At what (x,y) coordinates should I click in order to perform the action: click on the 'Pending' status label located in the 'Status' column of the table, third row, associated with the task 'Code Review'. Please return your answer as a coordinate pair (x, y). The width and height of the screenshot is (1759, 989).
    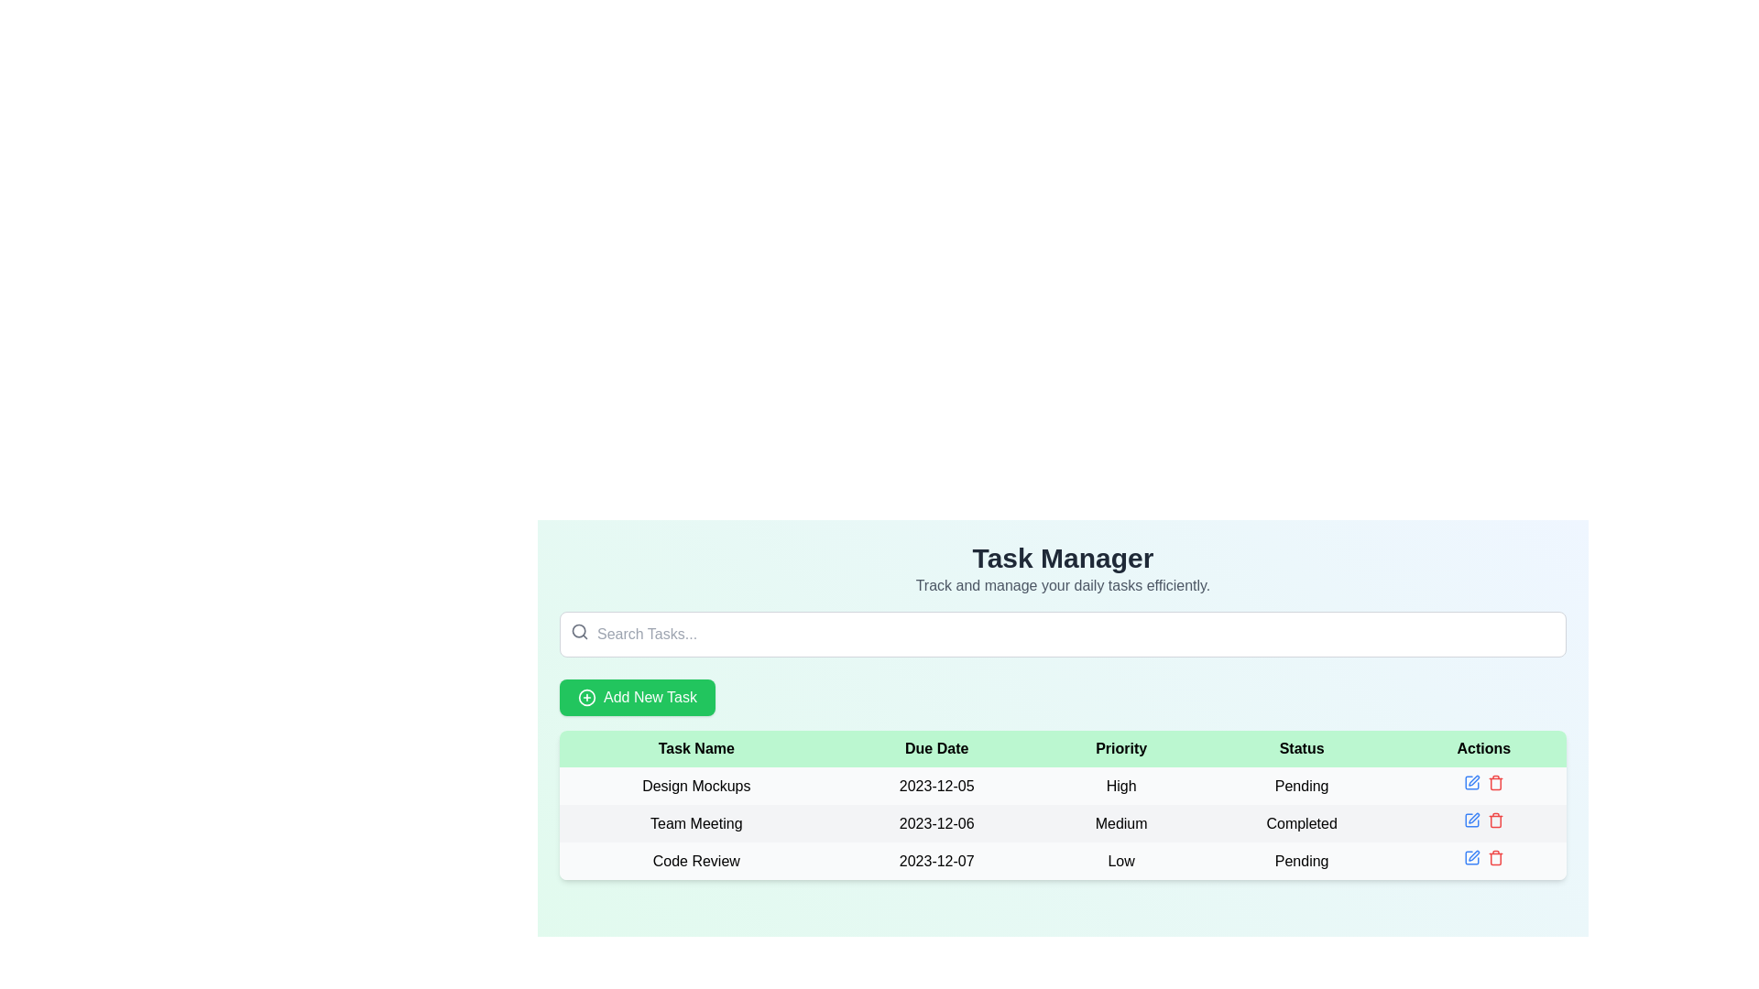
    Looking at the image, I should click on (1301, 861).